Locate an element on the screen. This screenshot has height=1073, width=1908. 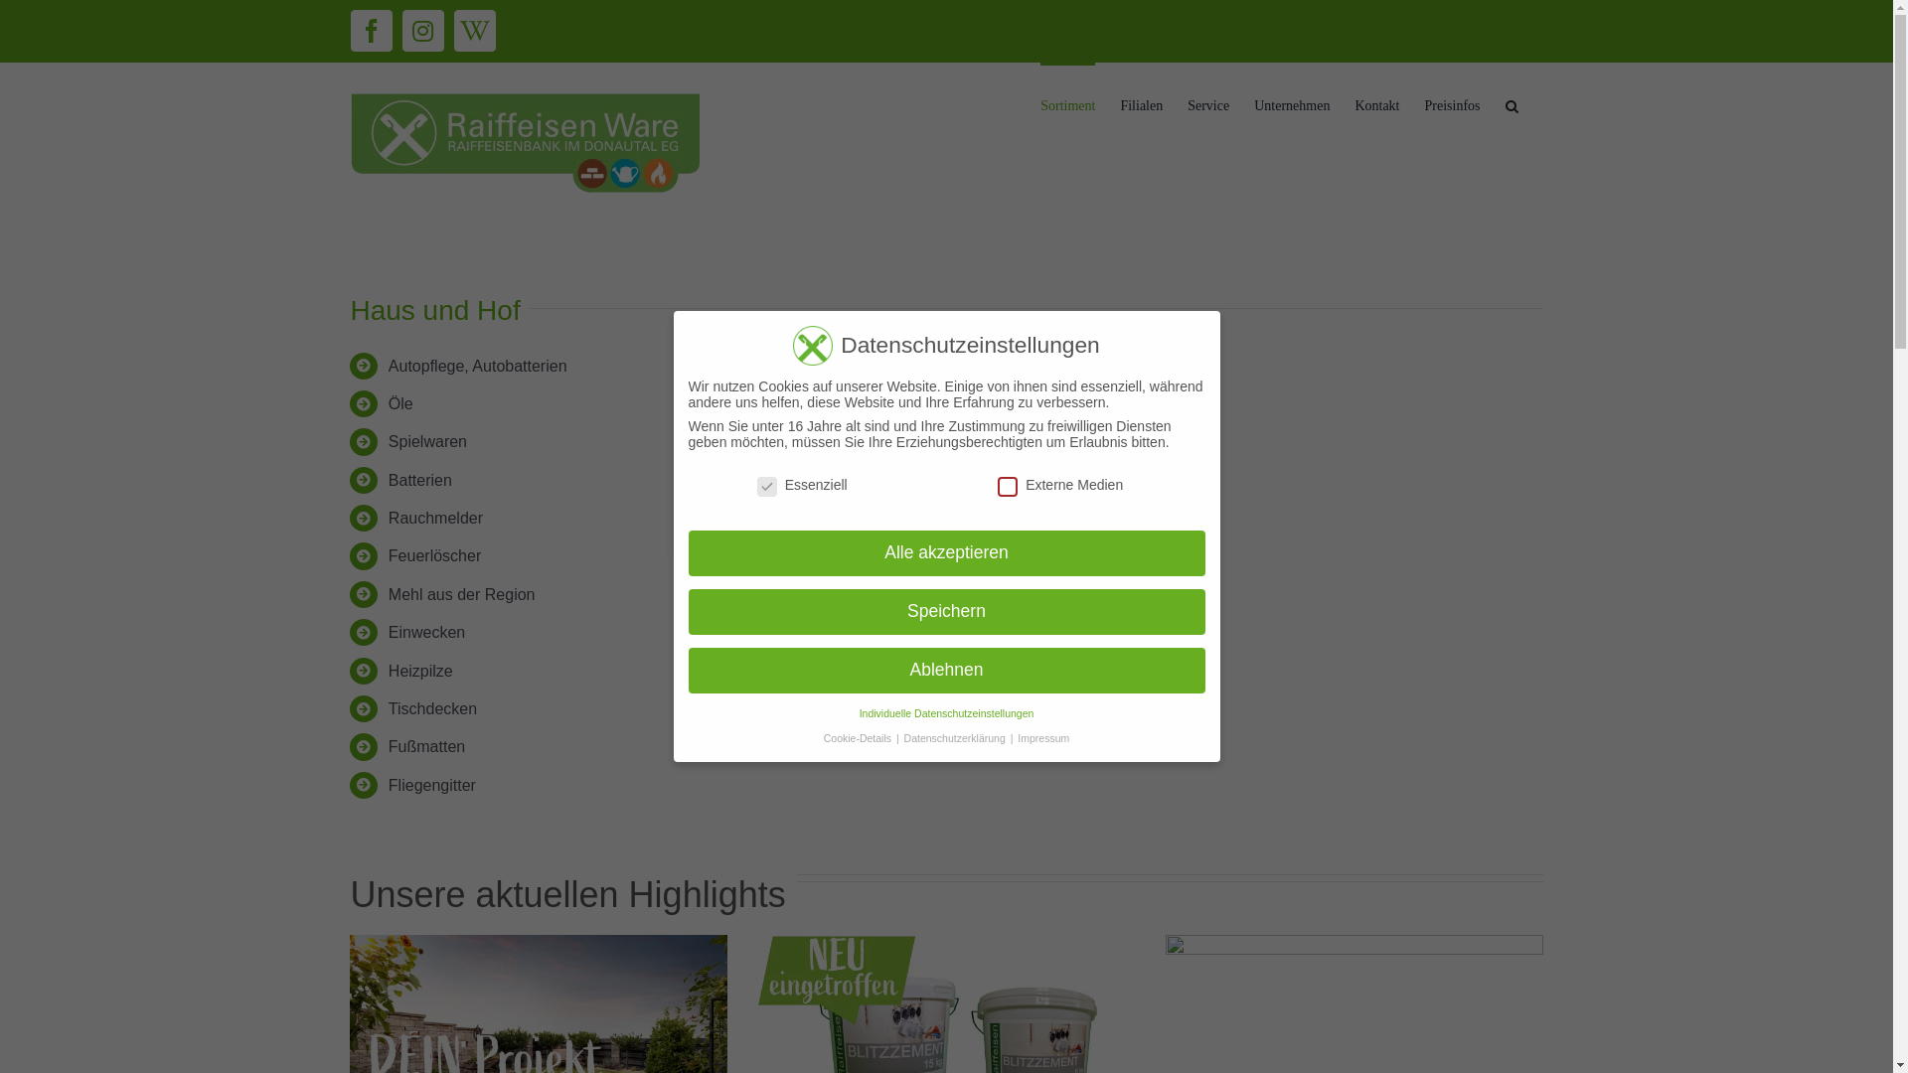
'Unternehmen' is located at coordinates (1292, 103).